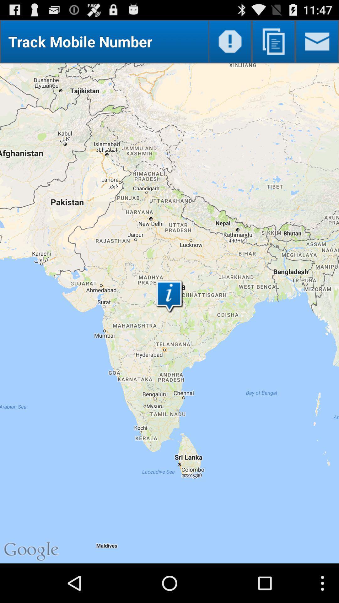 Image resolution: width=339 pixels, height=603 pixels. Describe the element at coordinates (273, 41) in the screenshot. I see `copy option` at that location.